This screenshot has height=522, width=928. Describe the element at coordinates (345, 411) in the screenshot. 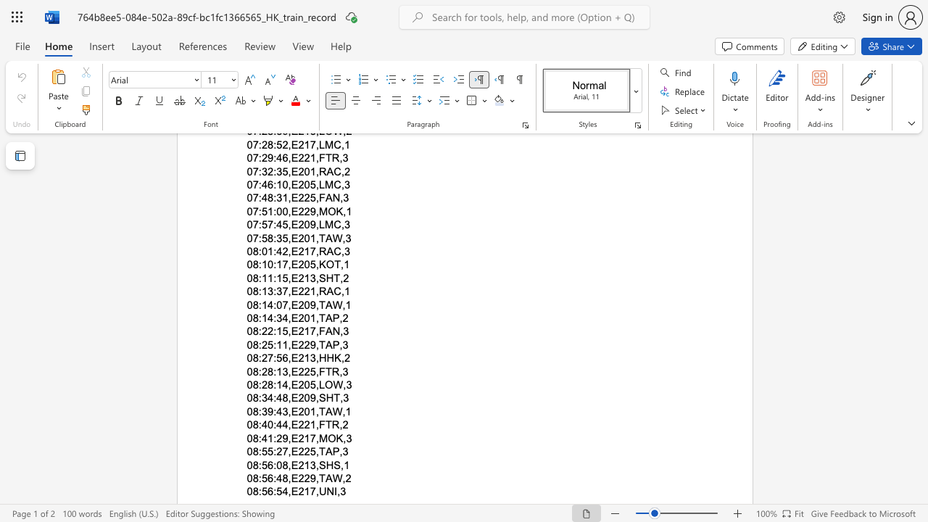

I see `the space between the continuous character "," and "1" in the text` at that location.